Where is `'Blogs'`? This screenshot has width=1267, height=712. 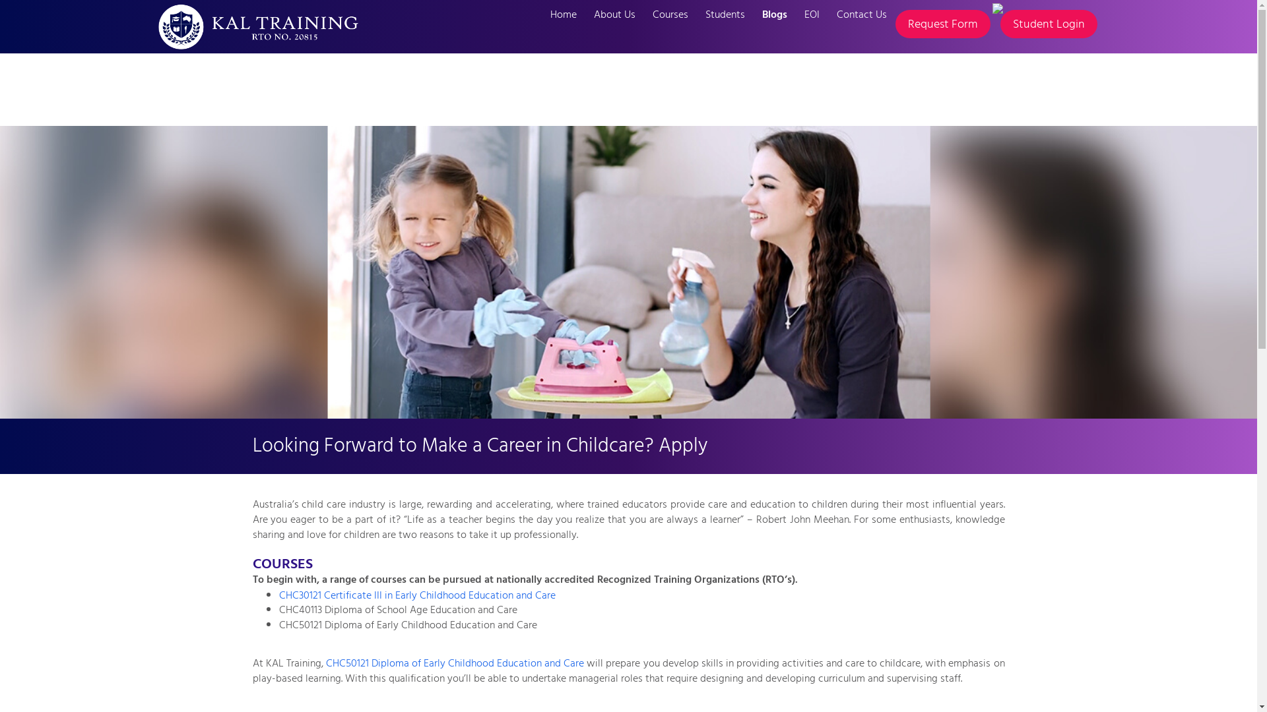 'Blogs' is located at coordinates (775, 15).